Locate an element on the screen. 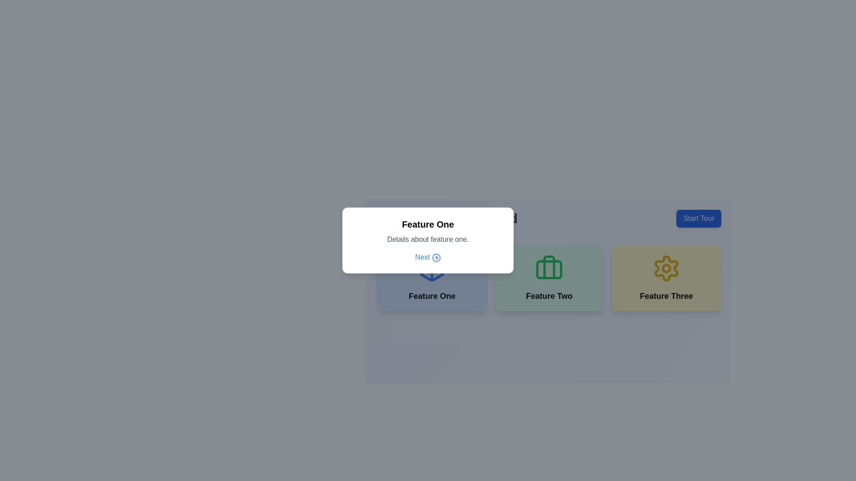 The image size is (856, 481). the Informational Card highlighting 'Feature Two' is located at coordinates (549, 277).